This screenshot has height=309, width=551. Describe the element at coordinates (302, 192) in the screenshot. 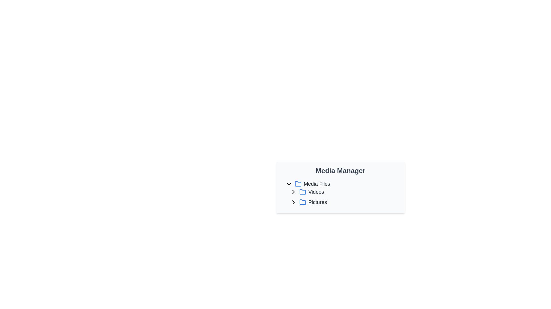

I see `the folder icon with a blue outline and white-filled background located in the 'Videos' row under the 'Media Files' section of the navigation menu` at that location.